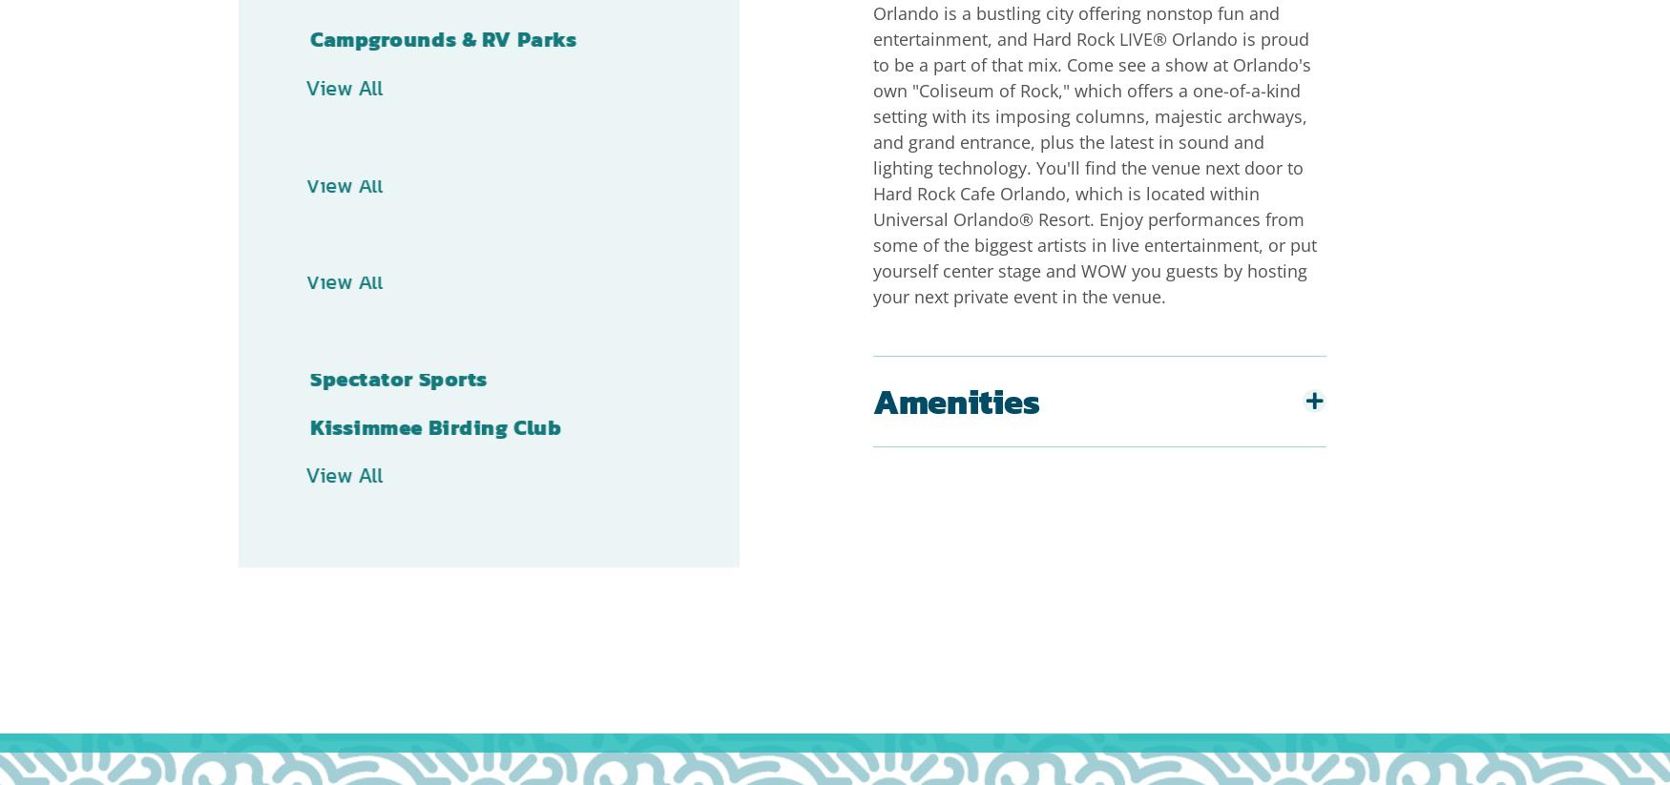  I want to click on 'Privacy Policy', so click(559, 744).